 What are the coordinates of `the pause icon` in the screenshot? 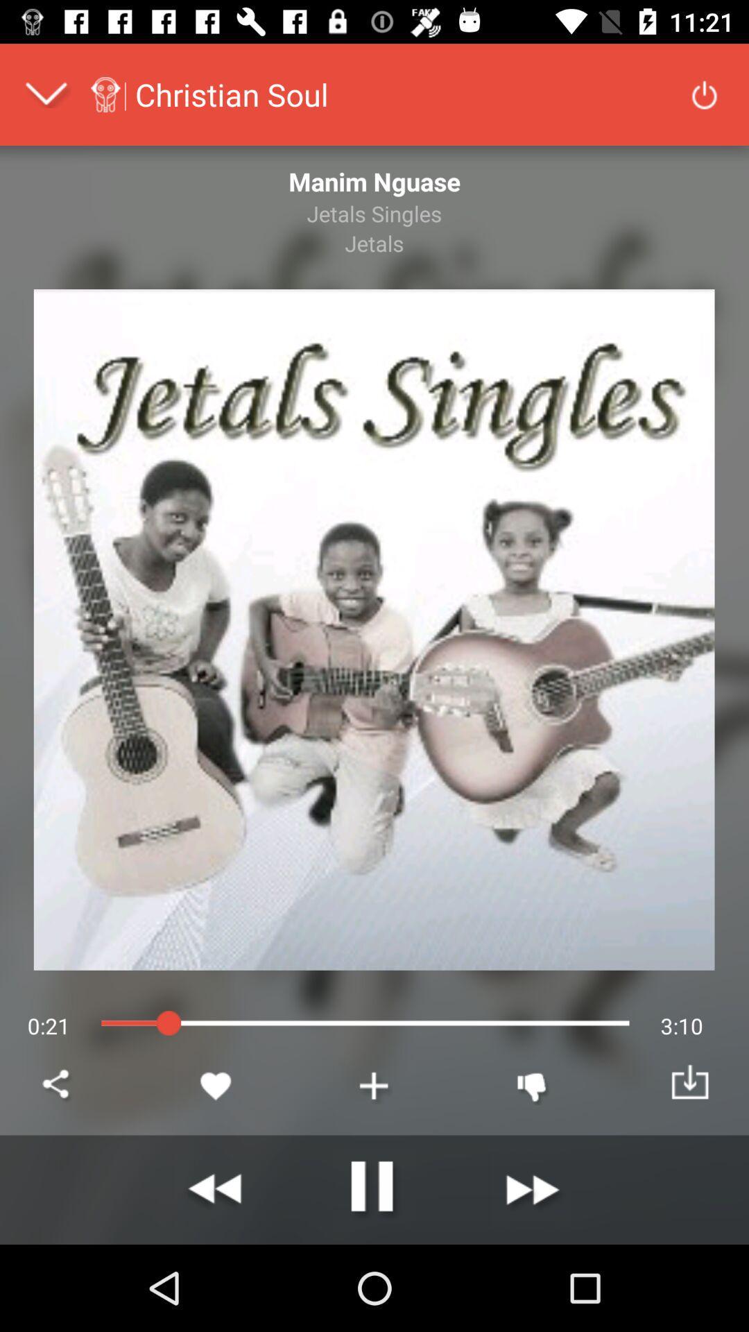 It's located at (374, 1189).